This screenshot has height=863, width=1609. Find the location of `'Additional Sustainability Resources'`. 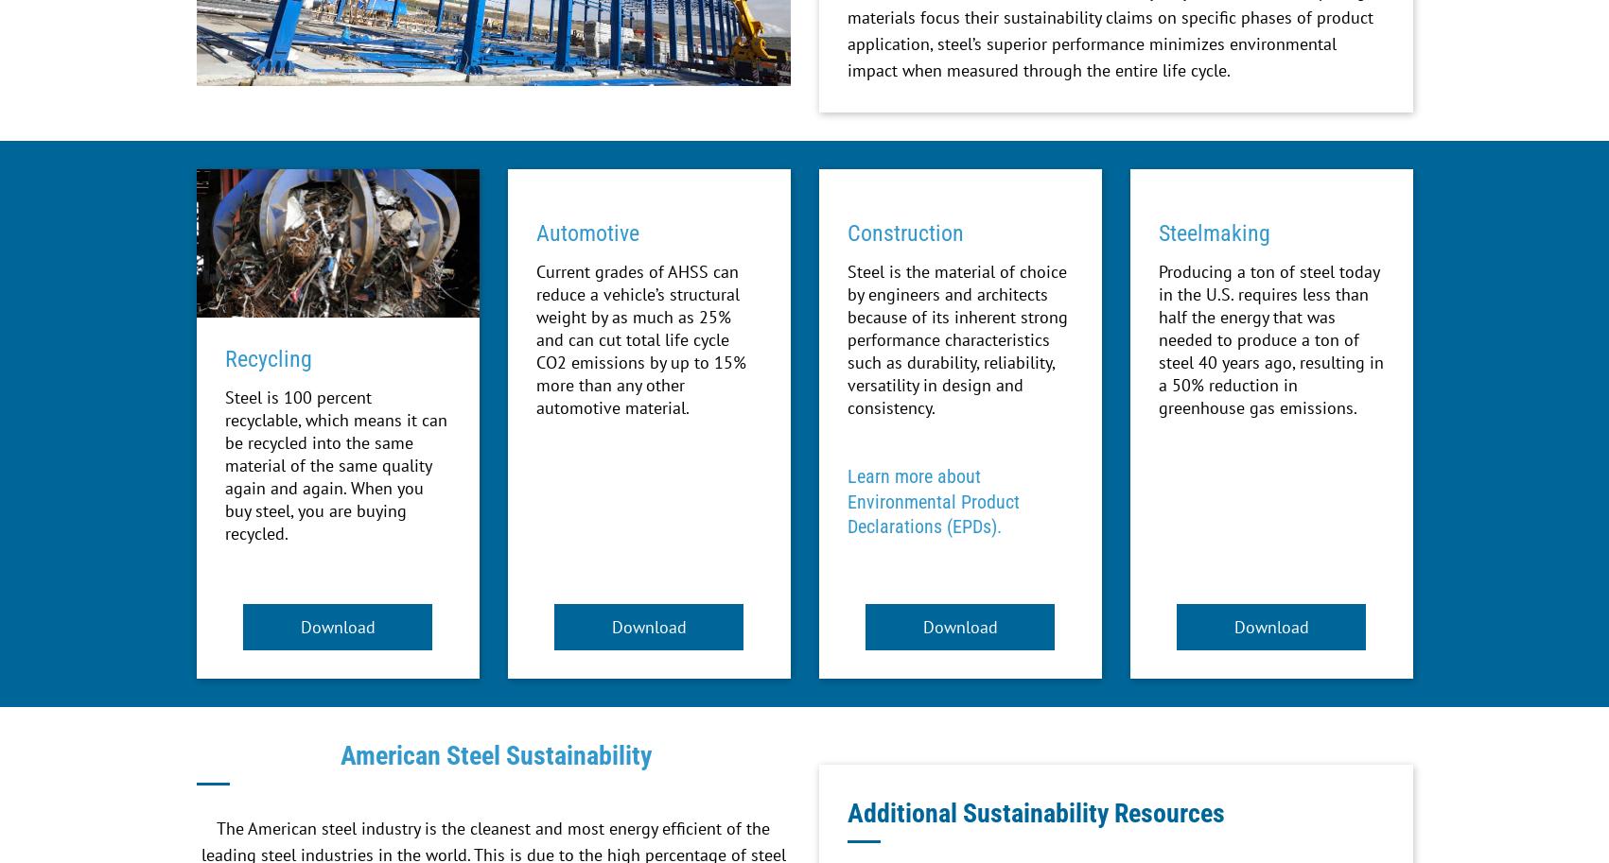

'Additional Sustainability Resources' is located at coordinates (1035, 813).